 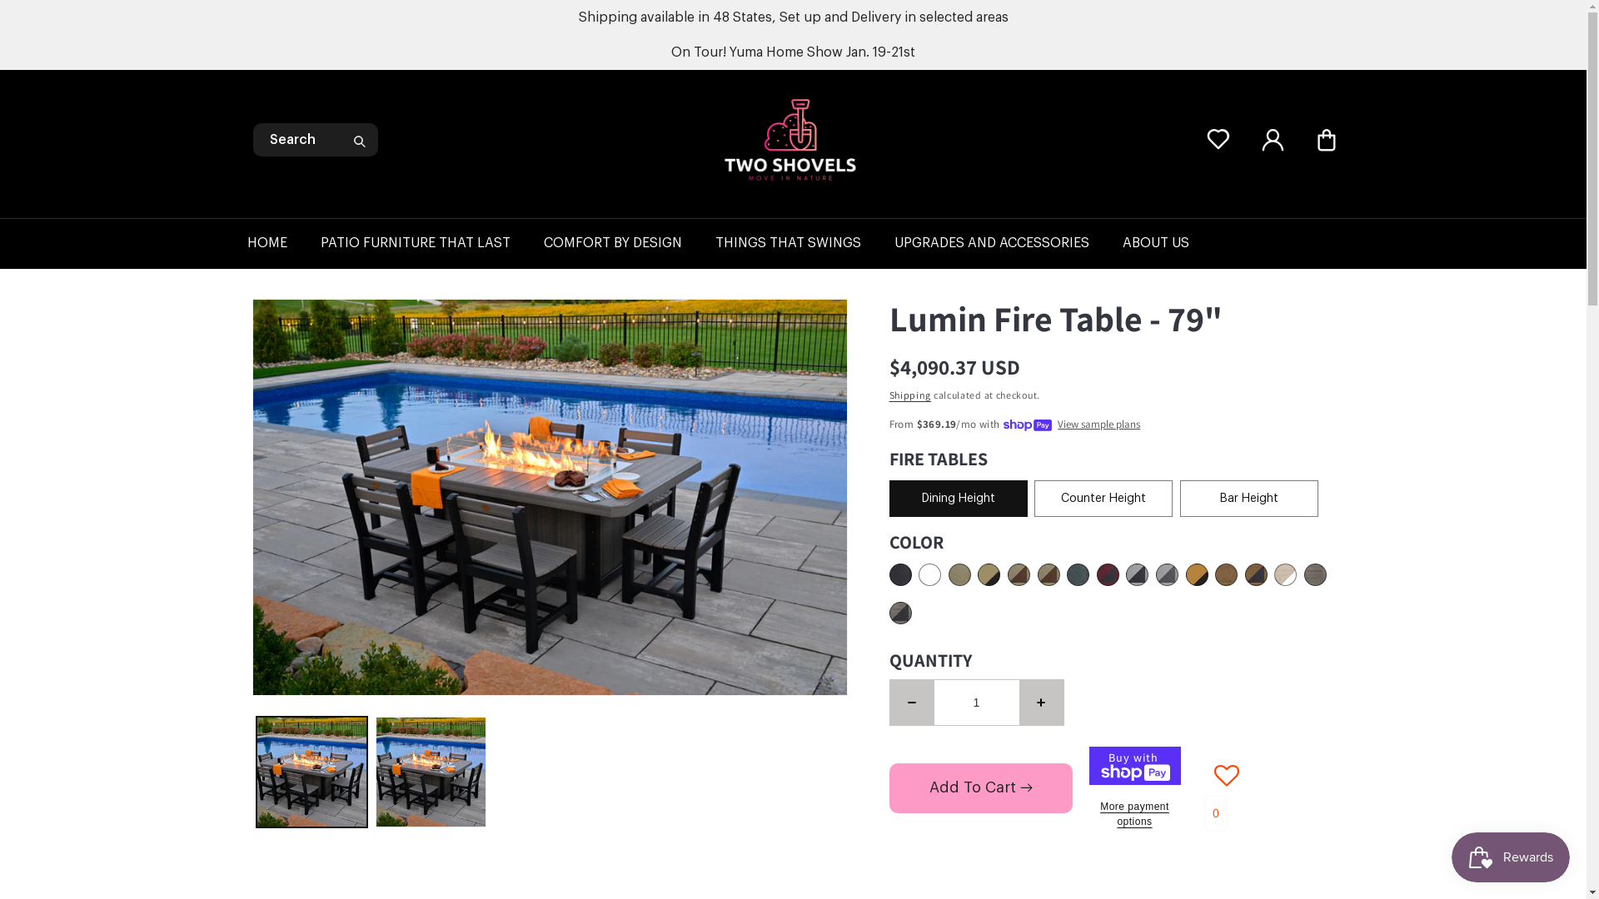 What do you see at coordinates (543, 243) in the screenshot?
I see `'COMFORT BY DESIGN'` at bounding box center [543, 243].